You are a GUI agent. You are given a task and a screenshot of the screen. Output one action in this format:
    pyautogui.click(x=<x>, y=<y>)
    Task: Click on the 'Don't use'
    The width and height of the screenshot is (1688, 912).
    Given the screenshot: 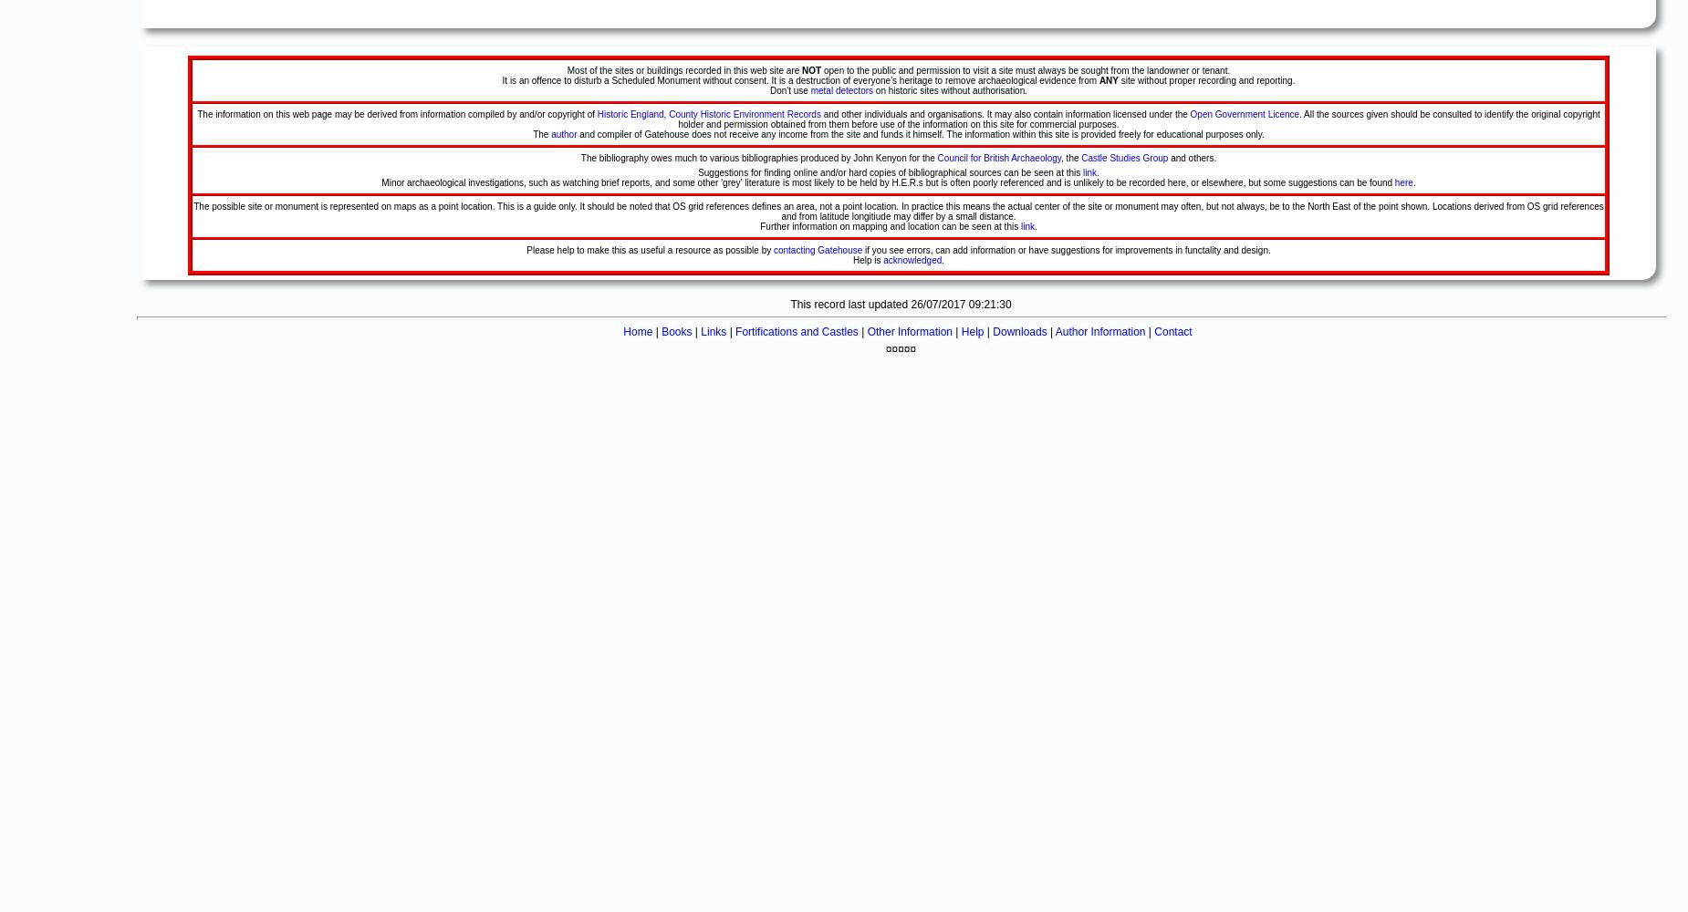 What is the action you would take?
    pyautogui.click(x=789, y=89)
    